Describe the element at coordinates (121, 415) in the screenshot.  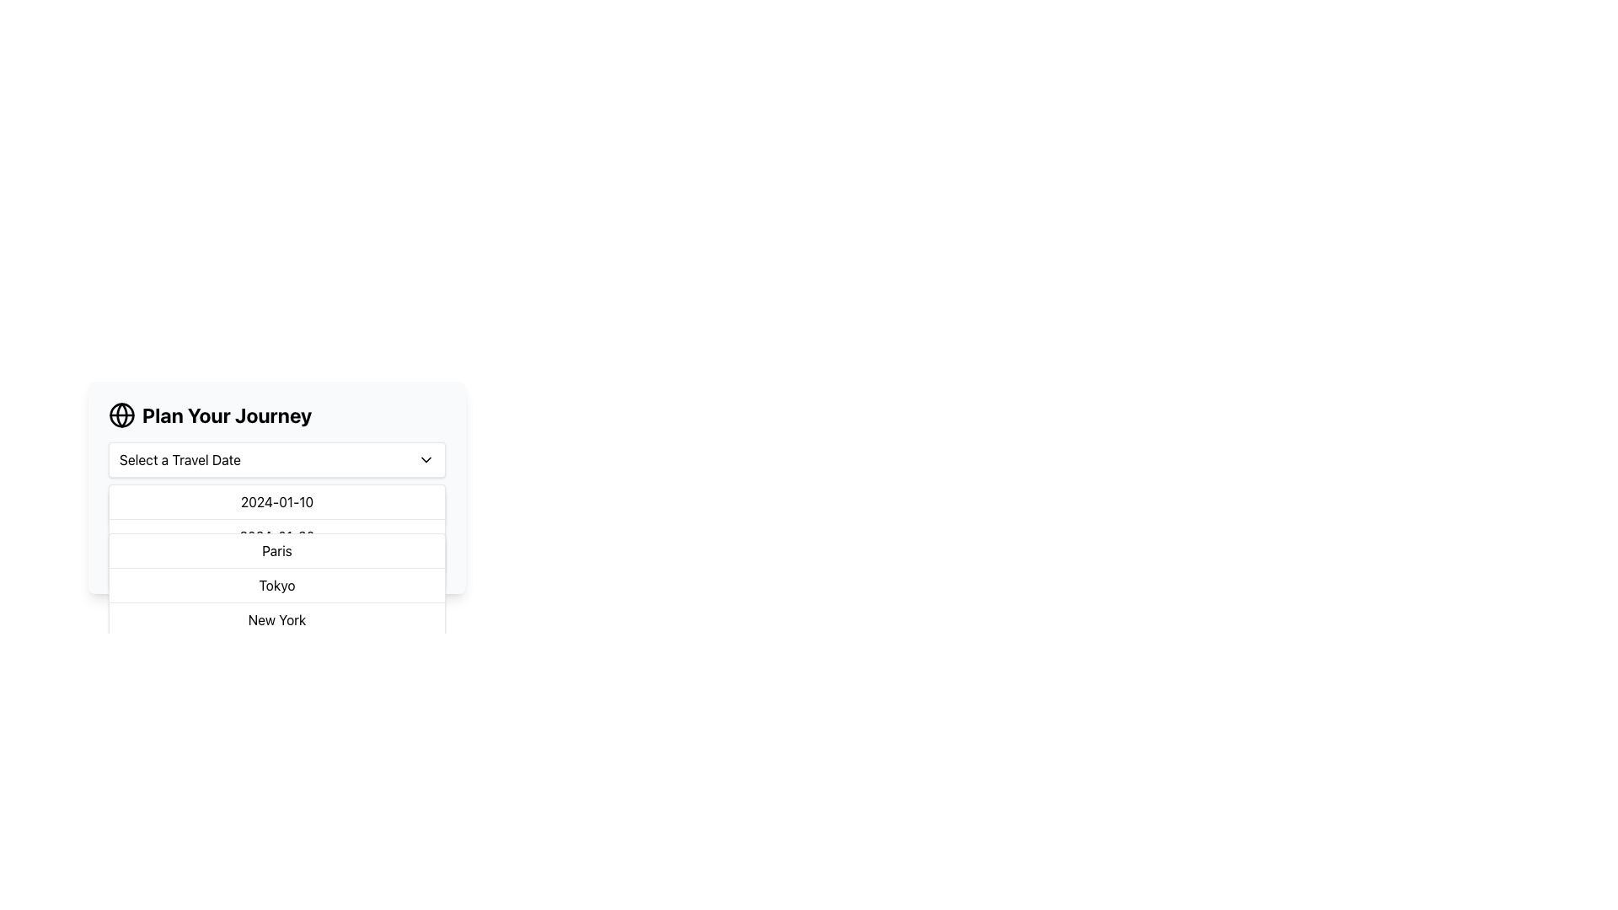
I see `the black globe icon, which is a circular emblem with intersecting lines, located to the left of the text 'Plan Your Journey'` at that location.